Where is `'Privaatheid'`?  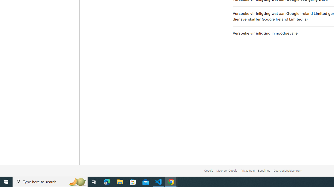
'Privaatheid' is located at coordinates (247, 171).